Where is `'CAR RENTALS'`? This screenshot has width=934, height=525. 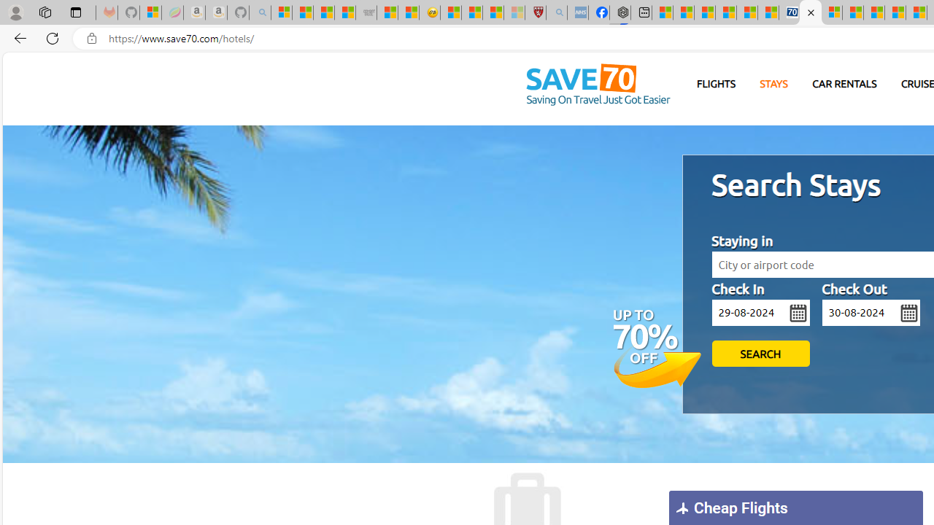
'CAR RENTALS' is located at coordinates (844, 84).